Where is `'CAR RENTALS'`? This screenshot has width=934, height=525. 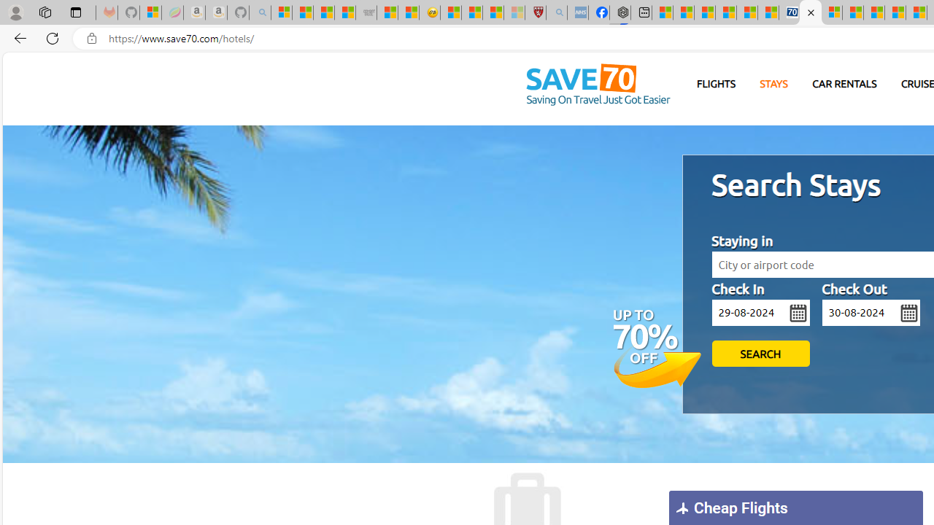
'CAR RENTALS' is located at coordinates (844, 84).